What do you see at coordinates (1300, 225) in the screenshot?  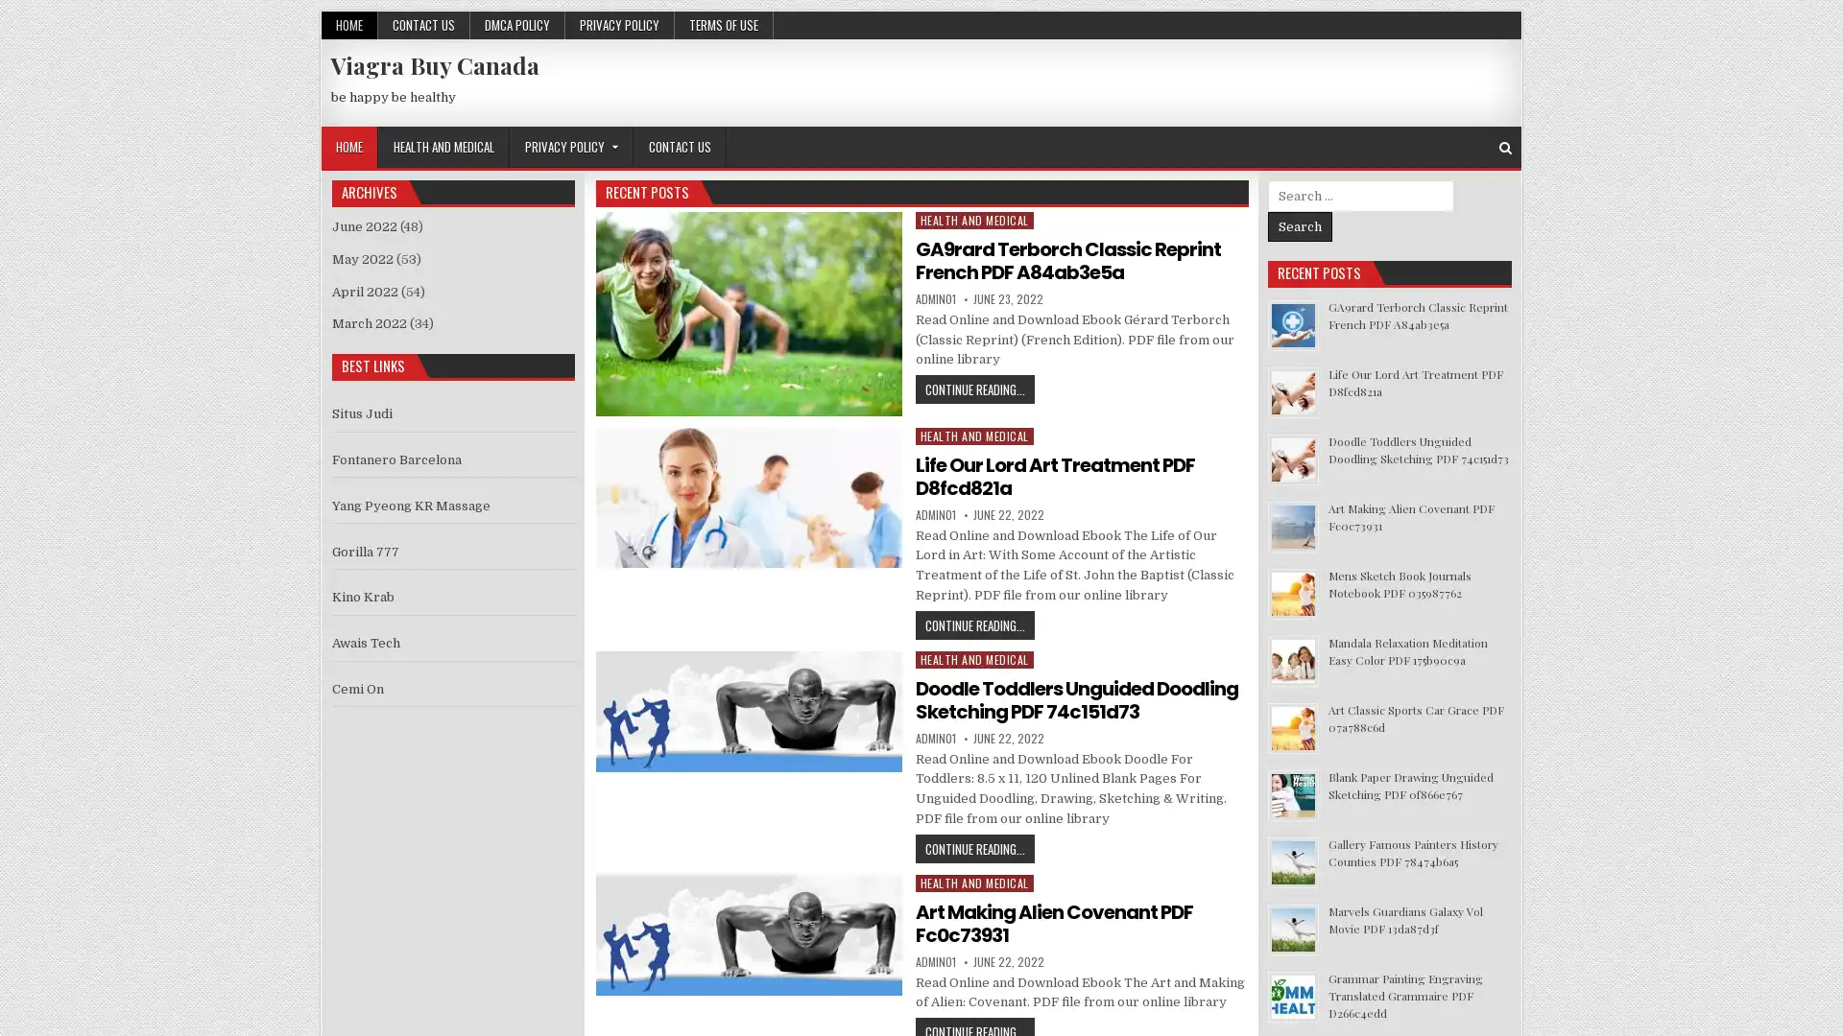 I see `Search` at bounding box center [1300, 225].